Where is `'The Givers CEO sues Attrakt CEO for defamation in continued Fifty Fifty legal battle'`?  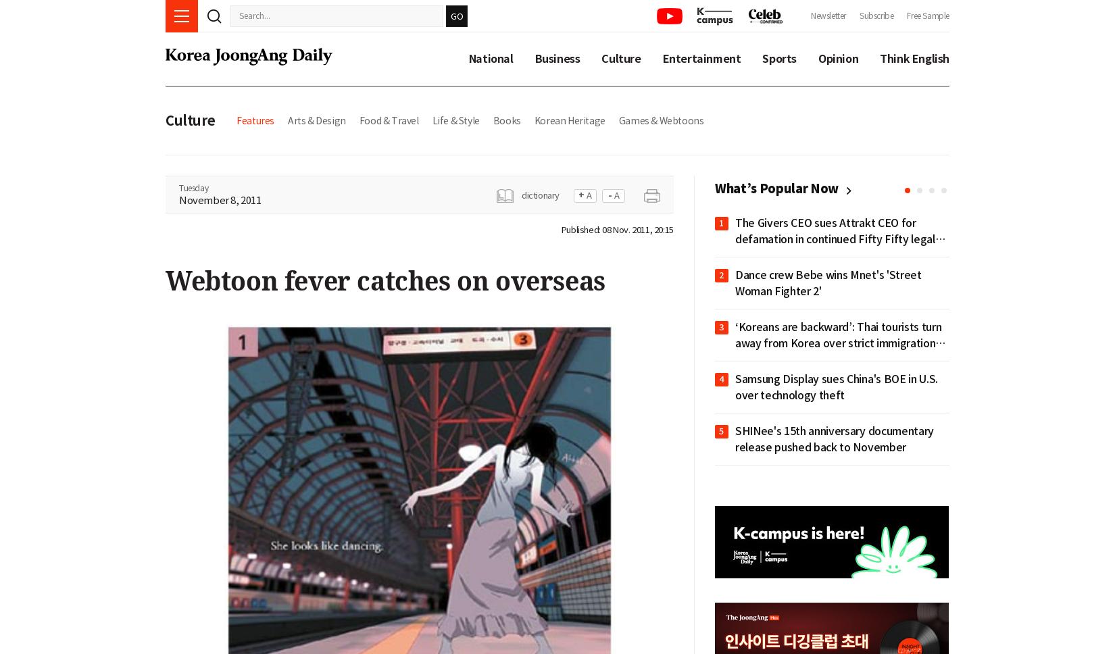
'The Givers CEO sues Attrakt CEO for defamation in continued Fifty Fifty legal battle' is located at coordinates (835, 238).